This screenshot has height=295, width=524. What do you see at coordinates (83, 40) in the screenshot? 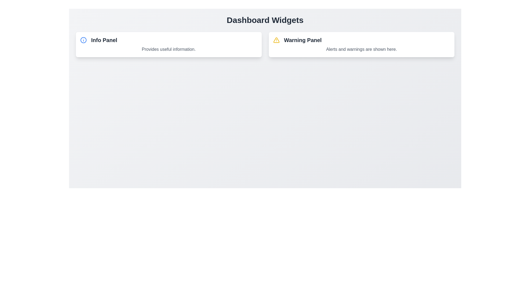
I see `the blue circular SVG icon with an information symbol located in the left part of the 'Info Panel' component` at bounding box center [83, 40].